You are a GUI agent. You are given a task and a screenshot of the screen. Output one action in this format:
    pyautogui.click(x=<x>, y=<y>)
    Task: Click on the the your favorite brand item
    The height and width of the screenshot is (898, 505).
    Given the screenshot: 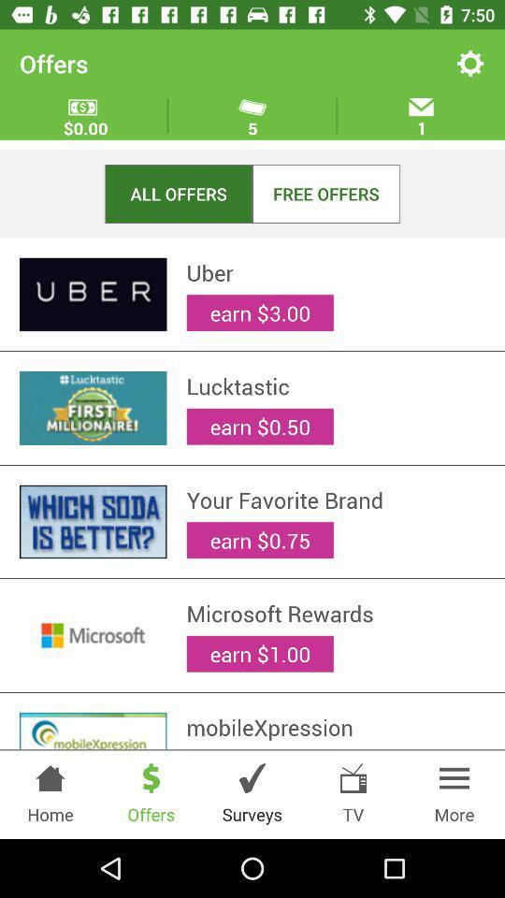 What is the action you would take?
    pyautogui.click(x=335, y=499)
    